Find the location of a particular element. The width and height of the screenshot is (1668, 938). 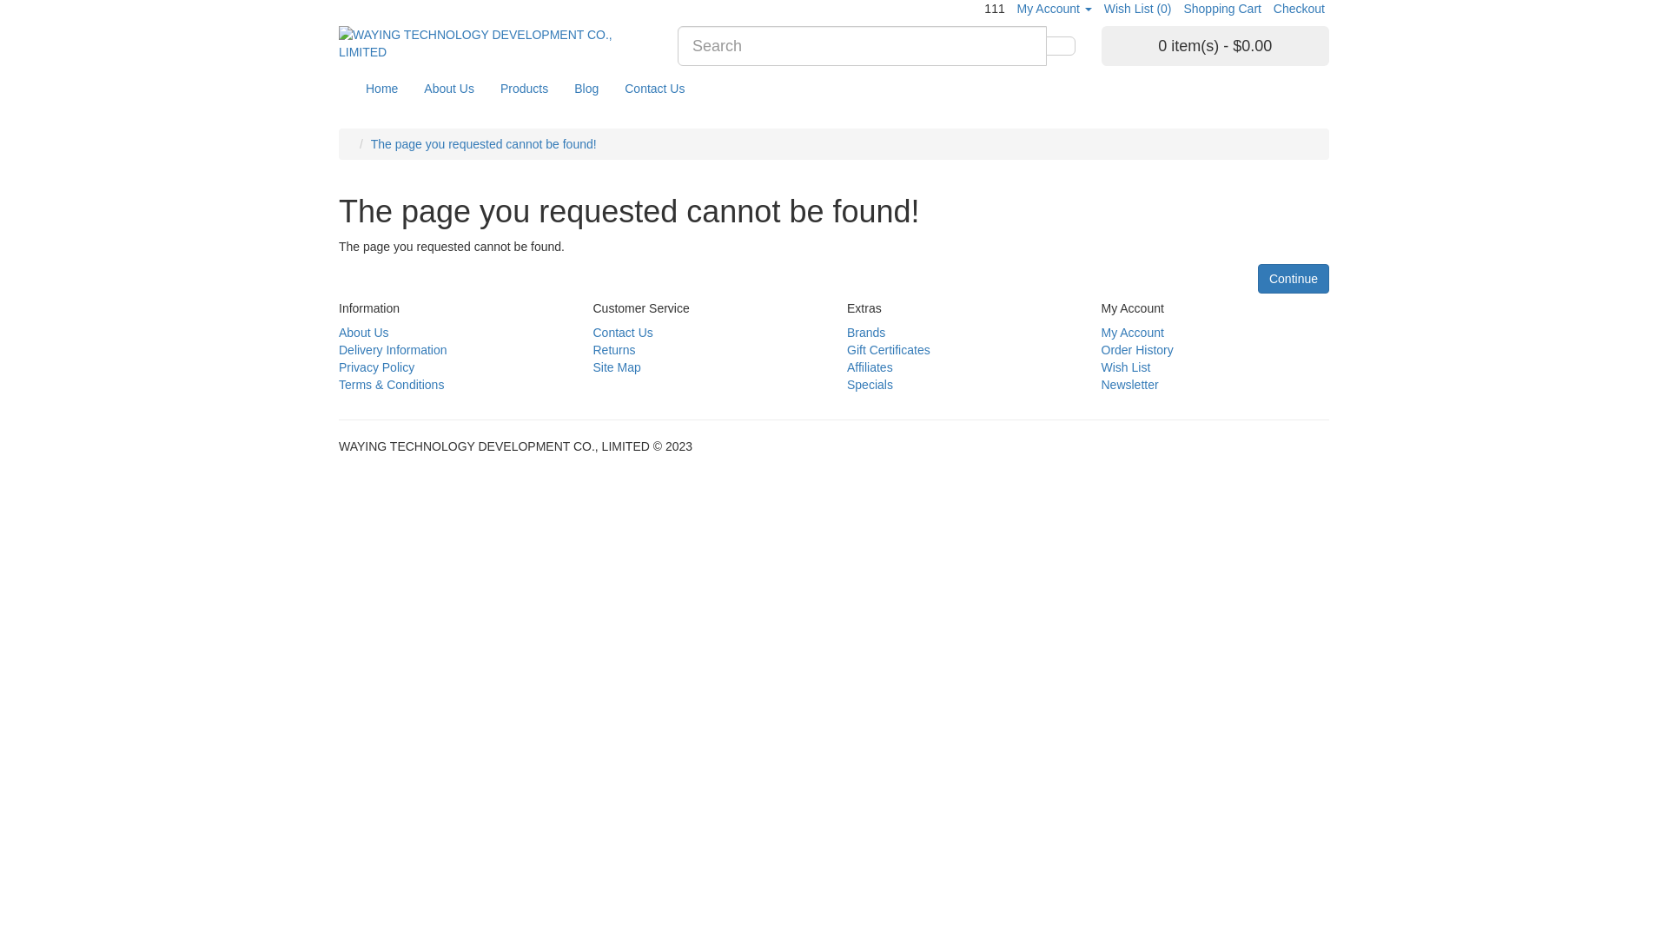

'Site Map' is located at coordinates (616, 367).